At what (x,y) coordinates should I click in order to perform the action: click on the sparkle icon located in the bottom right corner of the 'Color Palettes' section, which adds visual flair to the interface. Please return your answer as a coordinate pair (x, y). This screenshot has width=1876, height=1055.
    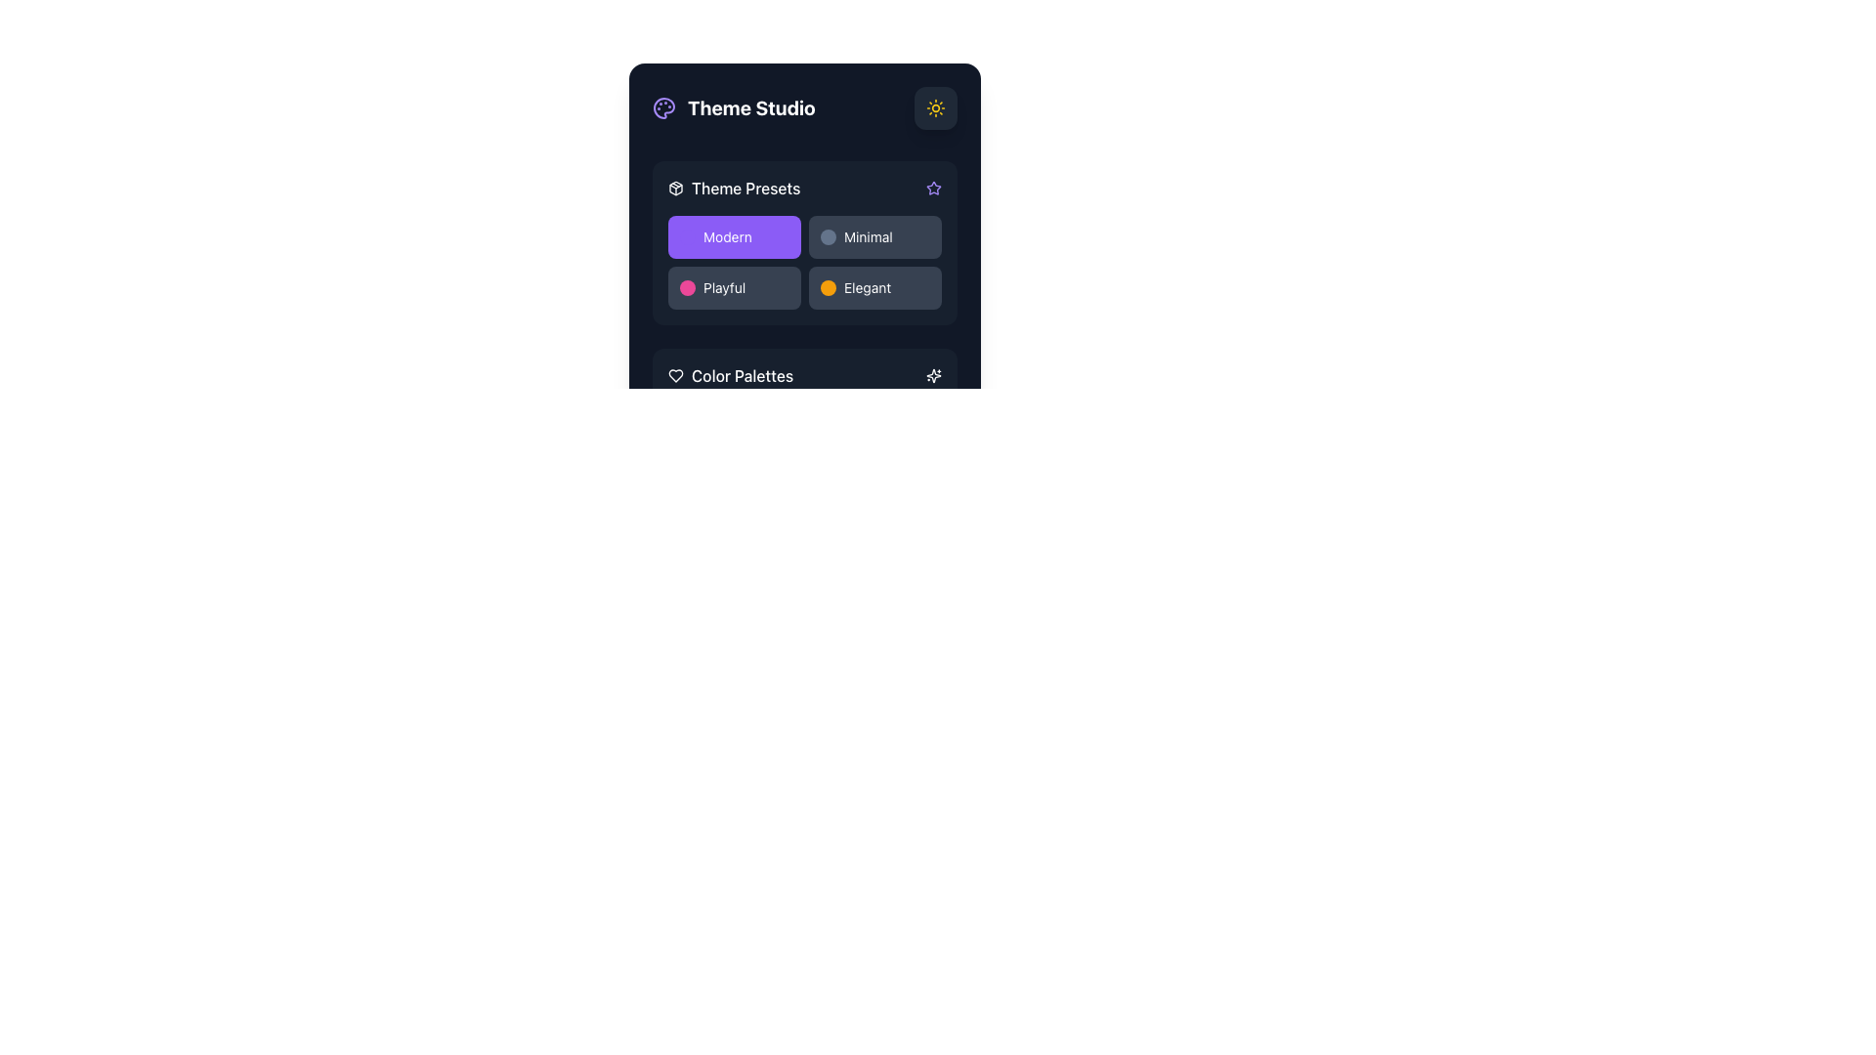
    Looking at the image, I should click on (932, 376).